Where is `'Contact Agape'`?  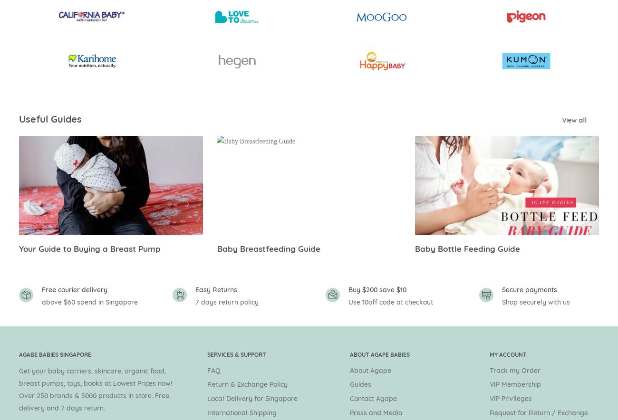
'Contact Agape' is located at coordinates (373, 399).